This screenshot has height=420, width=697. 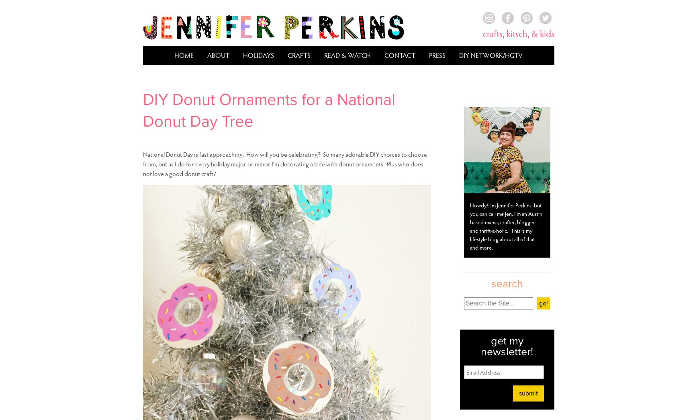 I want to click on 'Read & Watch', so click(x=347, y=55).